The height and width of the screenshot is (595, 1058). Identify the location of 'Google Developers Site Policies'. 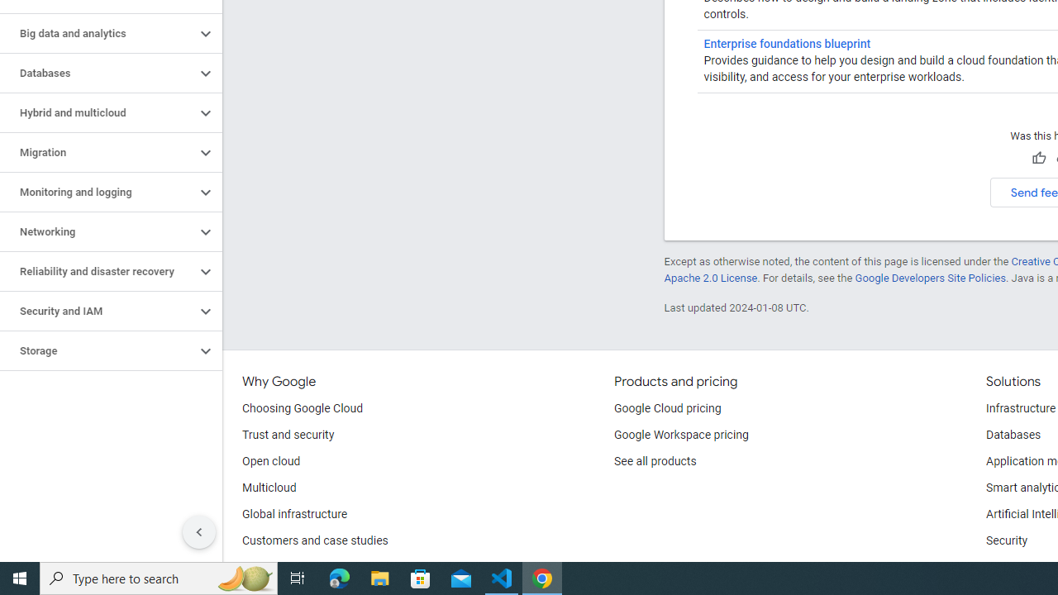
(930, 277).